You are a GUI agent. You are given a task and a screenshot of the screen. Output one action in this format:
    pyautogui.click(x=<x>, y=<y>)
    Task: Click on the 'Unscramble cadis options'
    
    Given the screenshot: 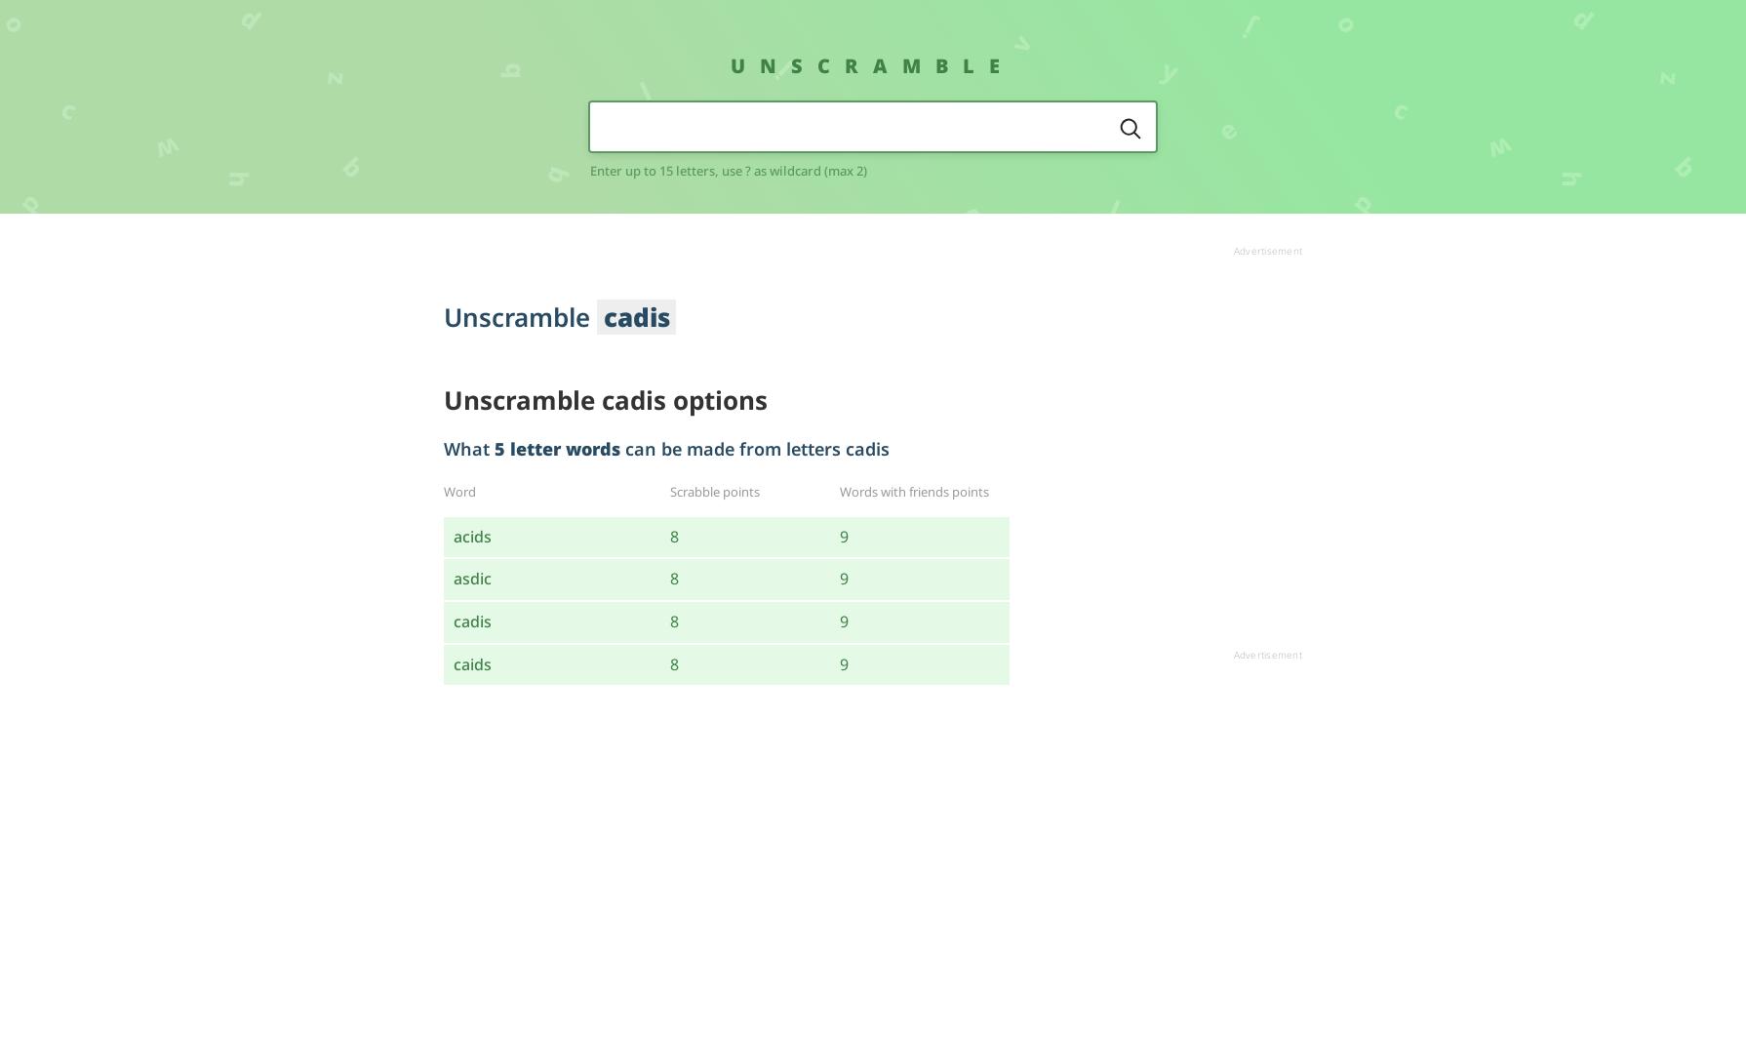 What is the action you would take?
    pyautogui.click(x=604, y=400)
    